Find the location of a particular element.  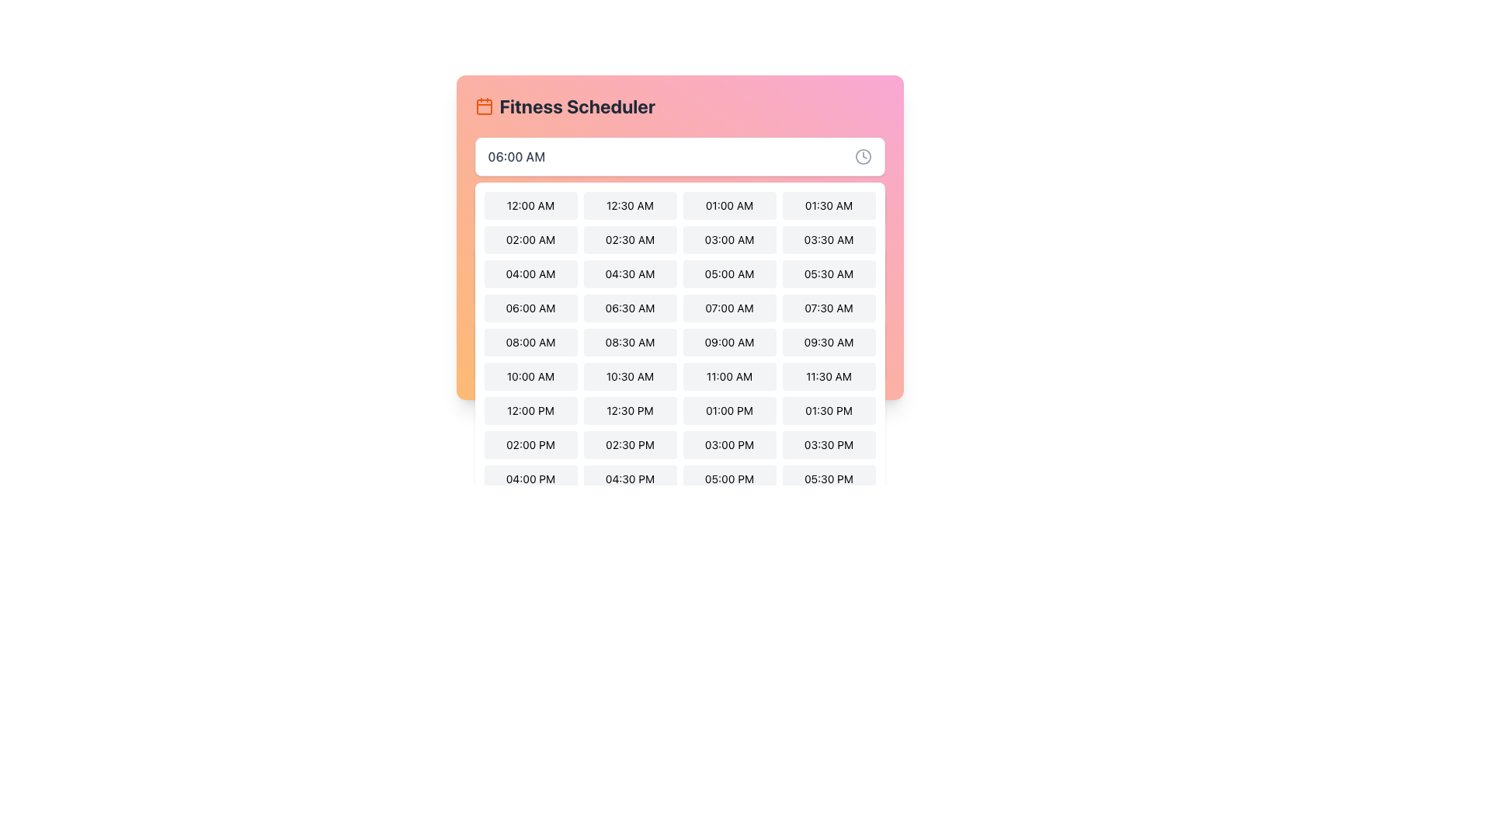

the rectangular button displaying '03:00 PM' is located at coordinates (728, 445).